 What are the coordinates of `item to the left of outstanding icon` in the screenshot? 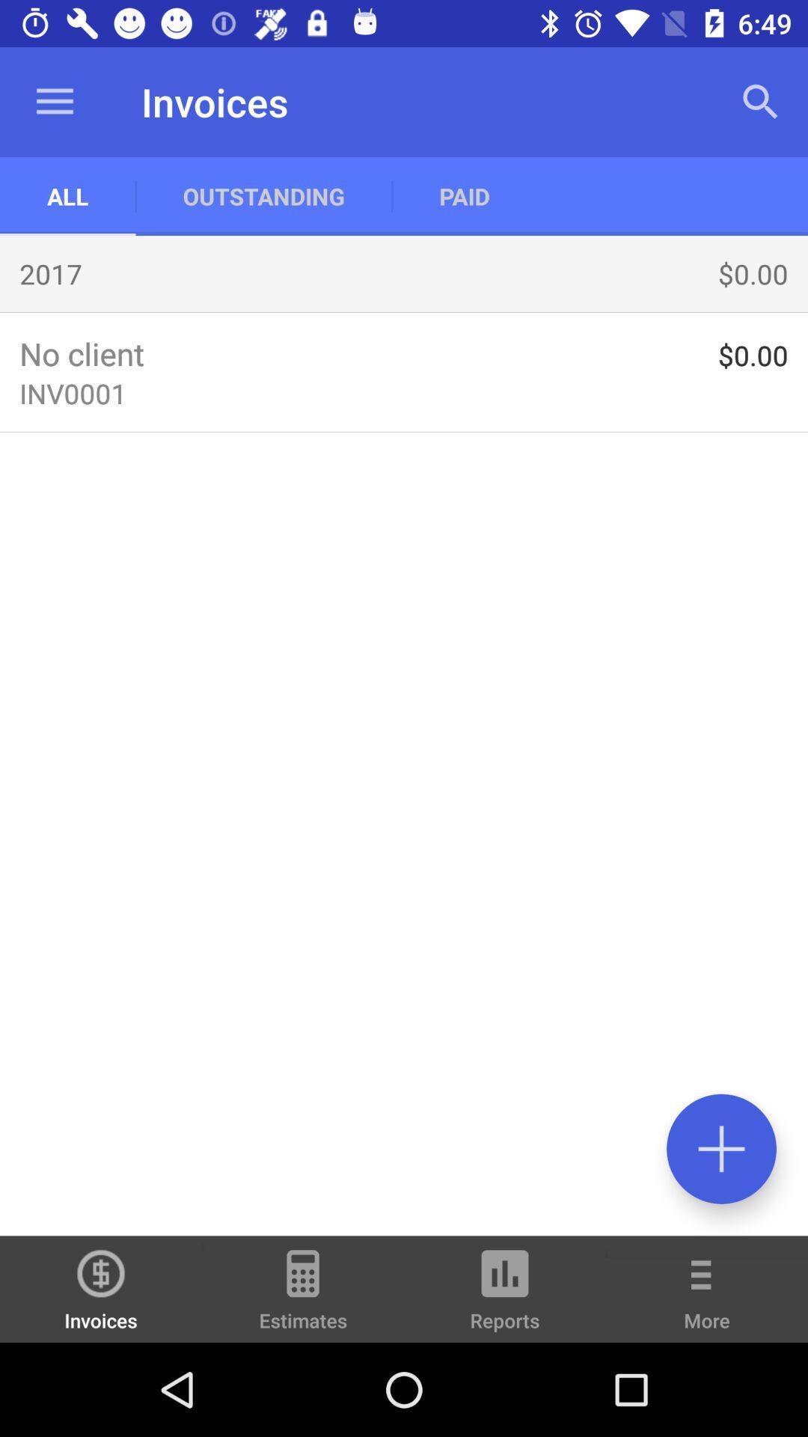 It's located at (54, 101).